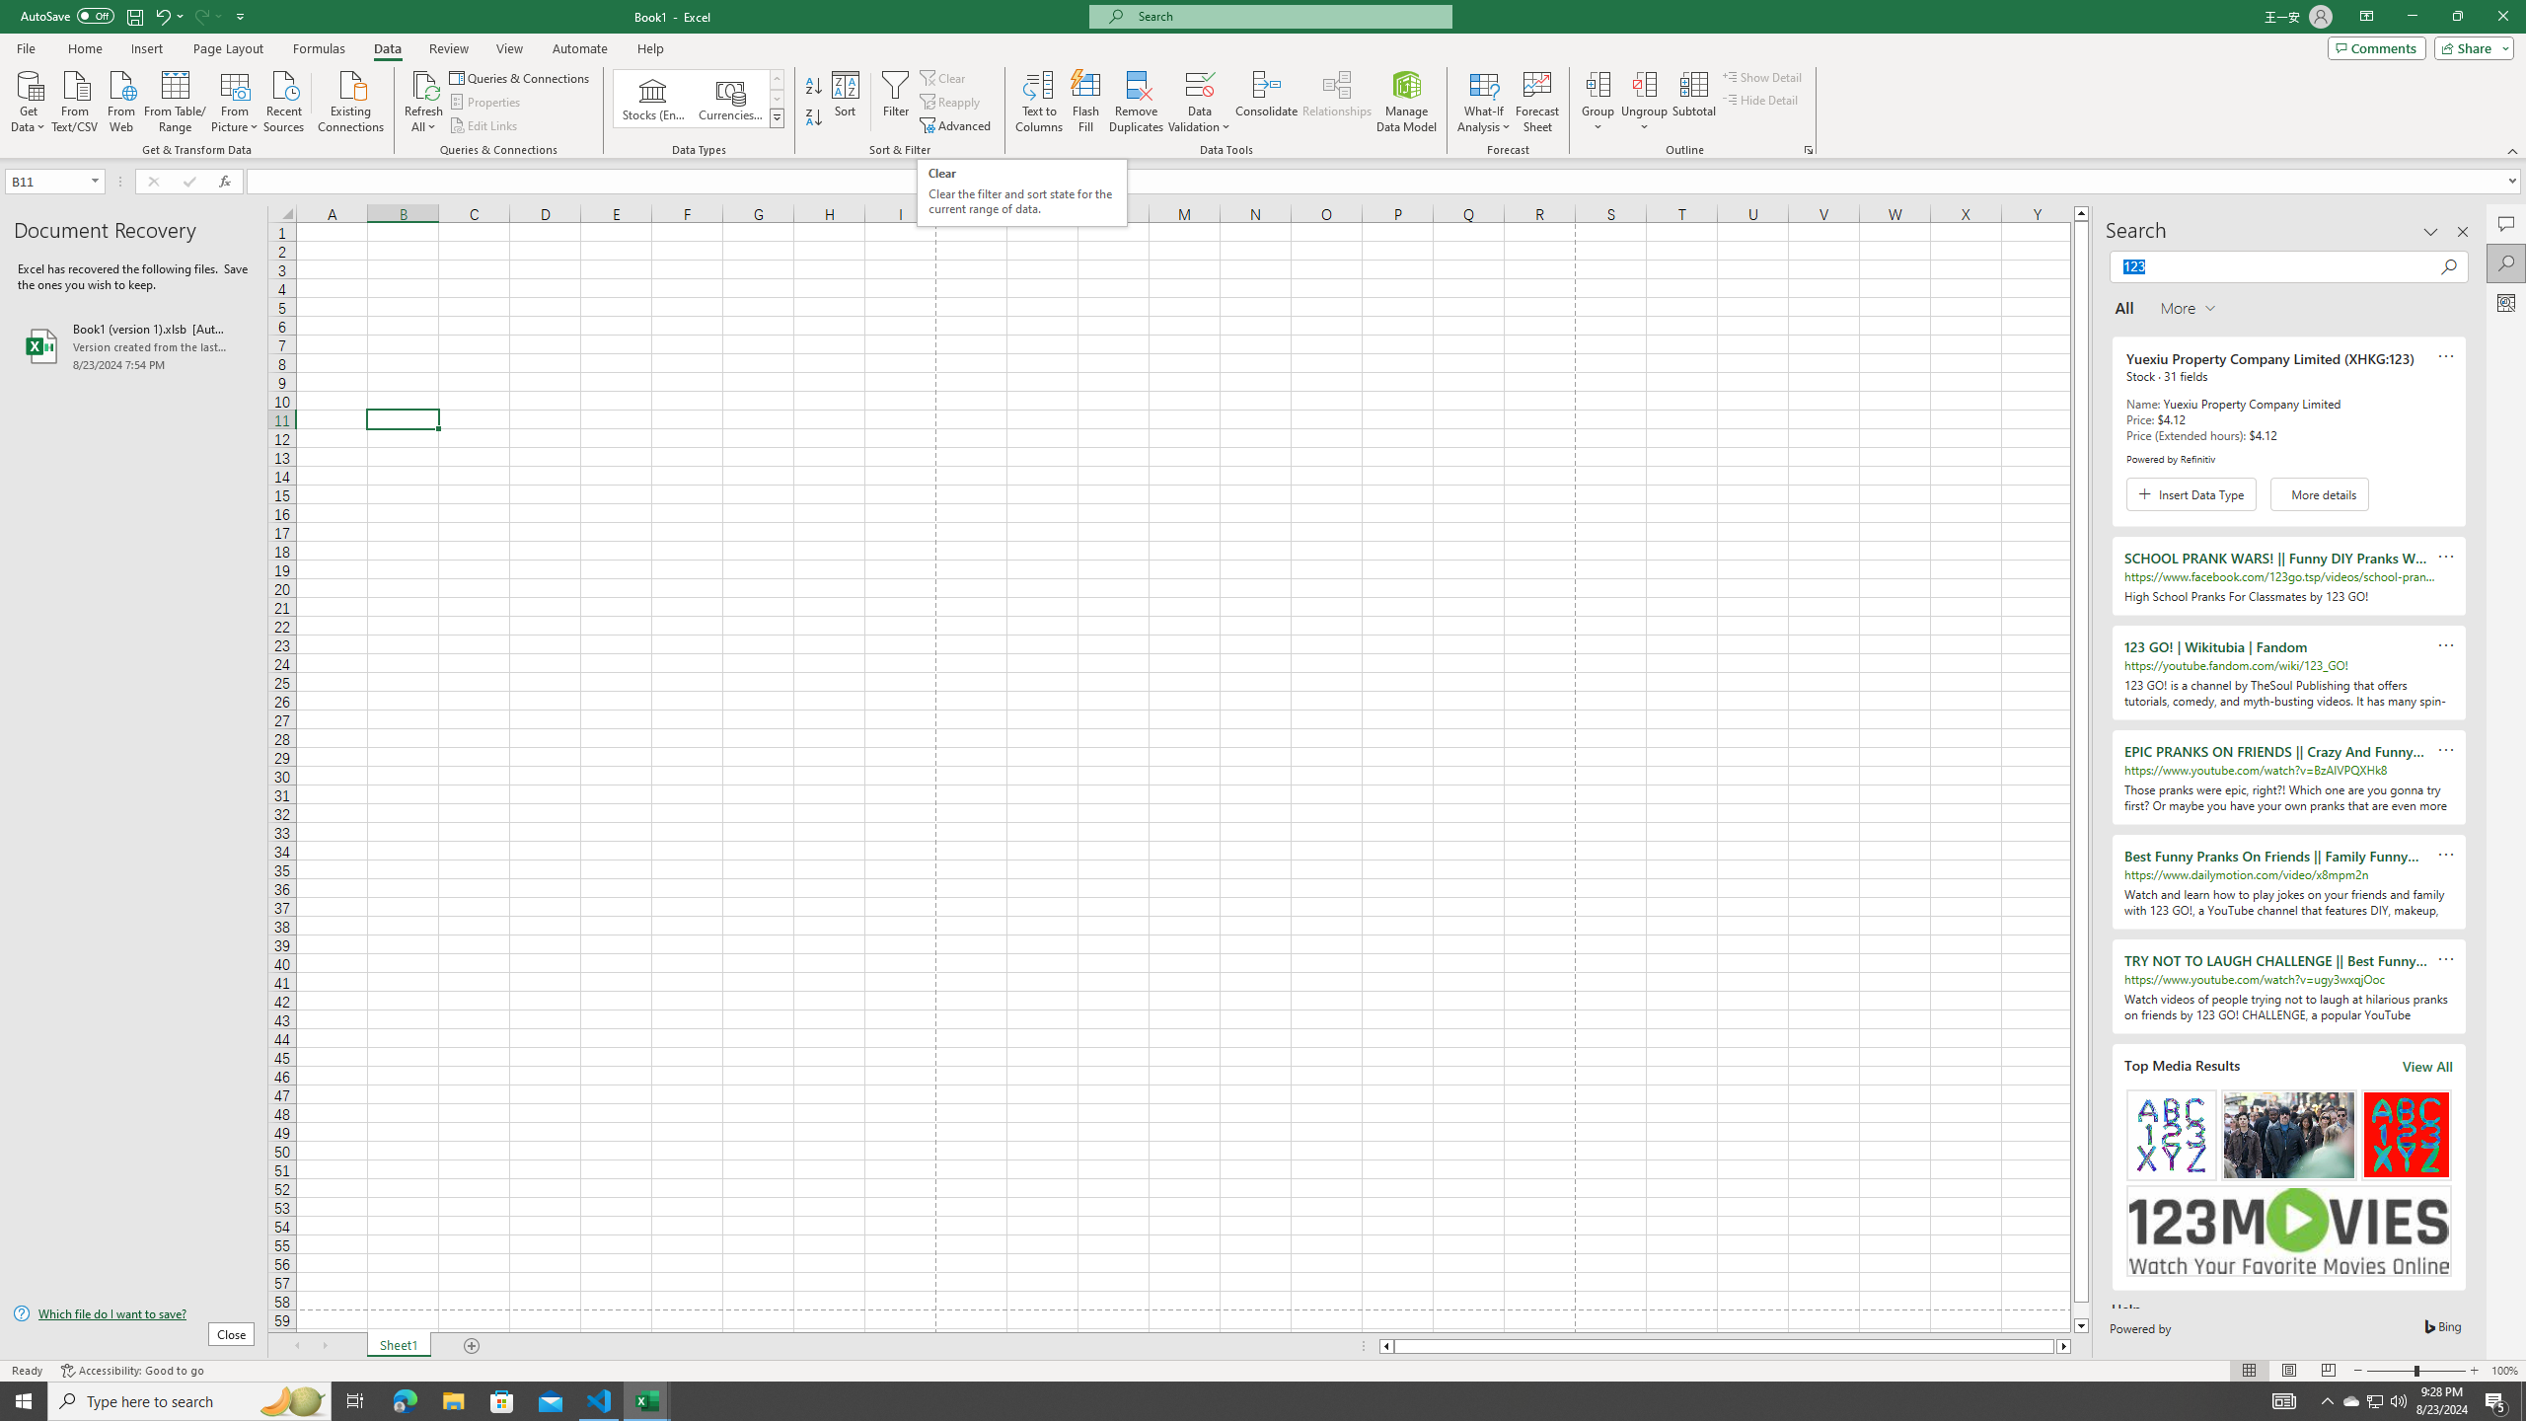 The width and height of the screenshot is (2526, 1421). Describe the element at coordinates (1266, 102) in the screenshot. I see `'Consolidate...'` at that location.